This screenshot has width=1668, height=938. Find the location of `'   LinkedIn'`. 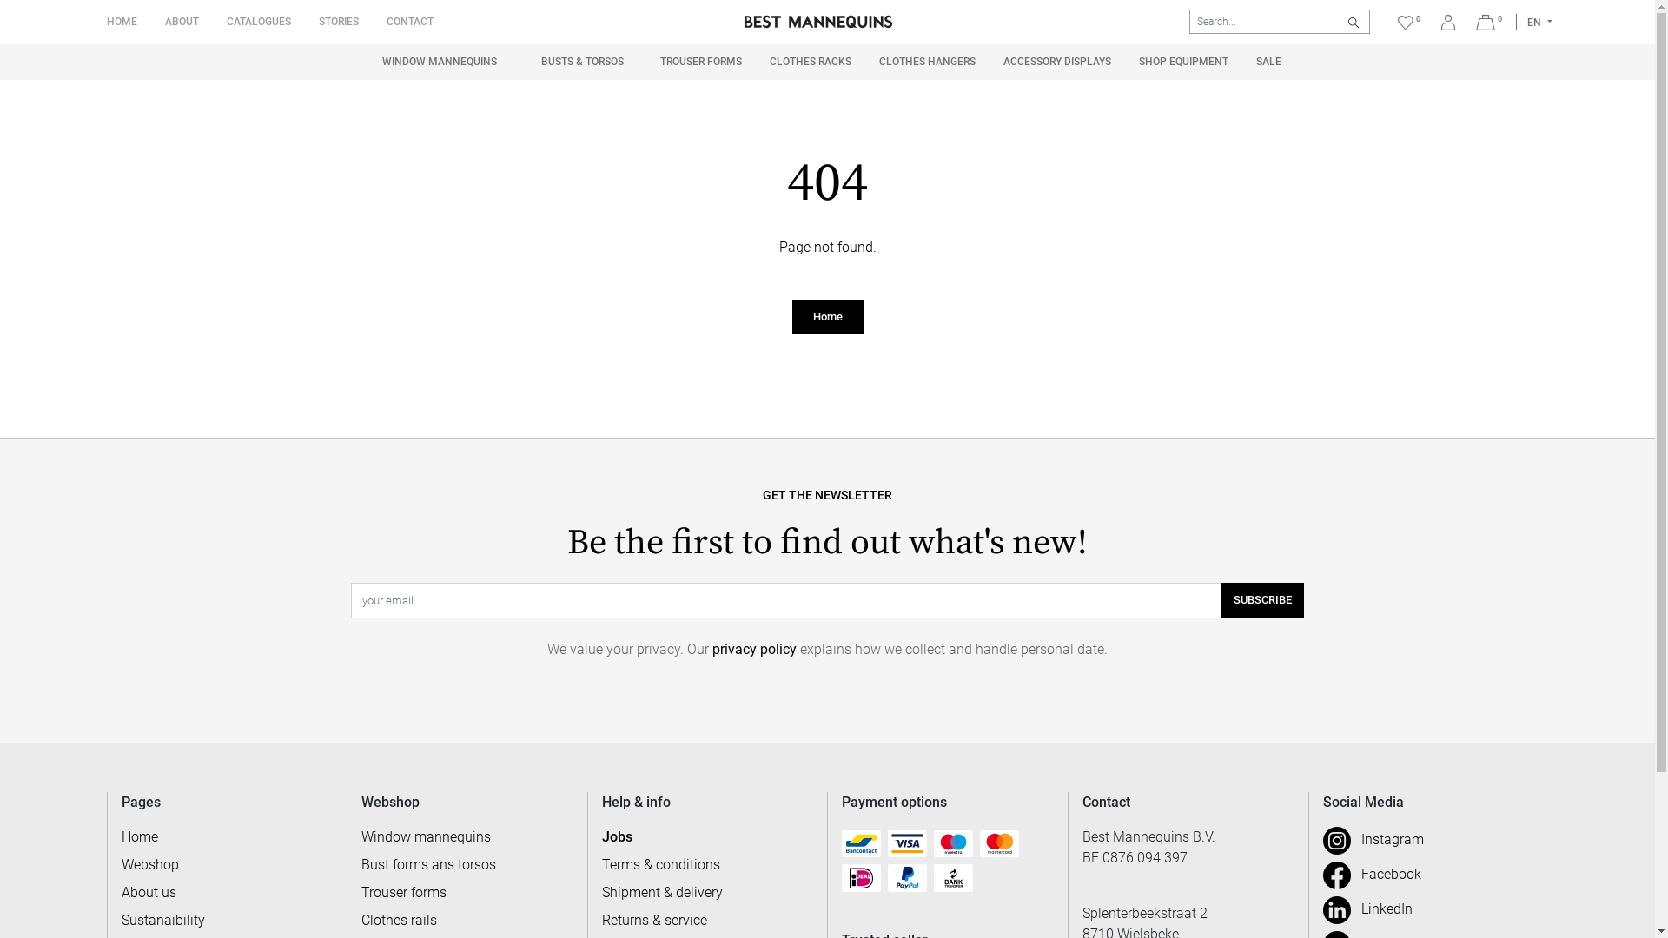

'   LinkedIn' is located at coordinates (1367, 908).